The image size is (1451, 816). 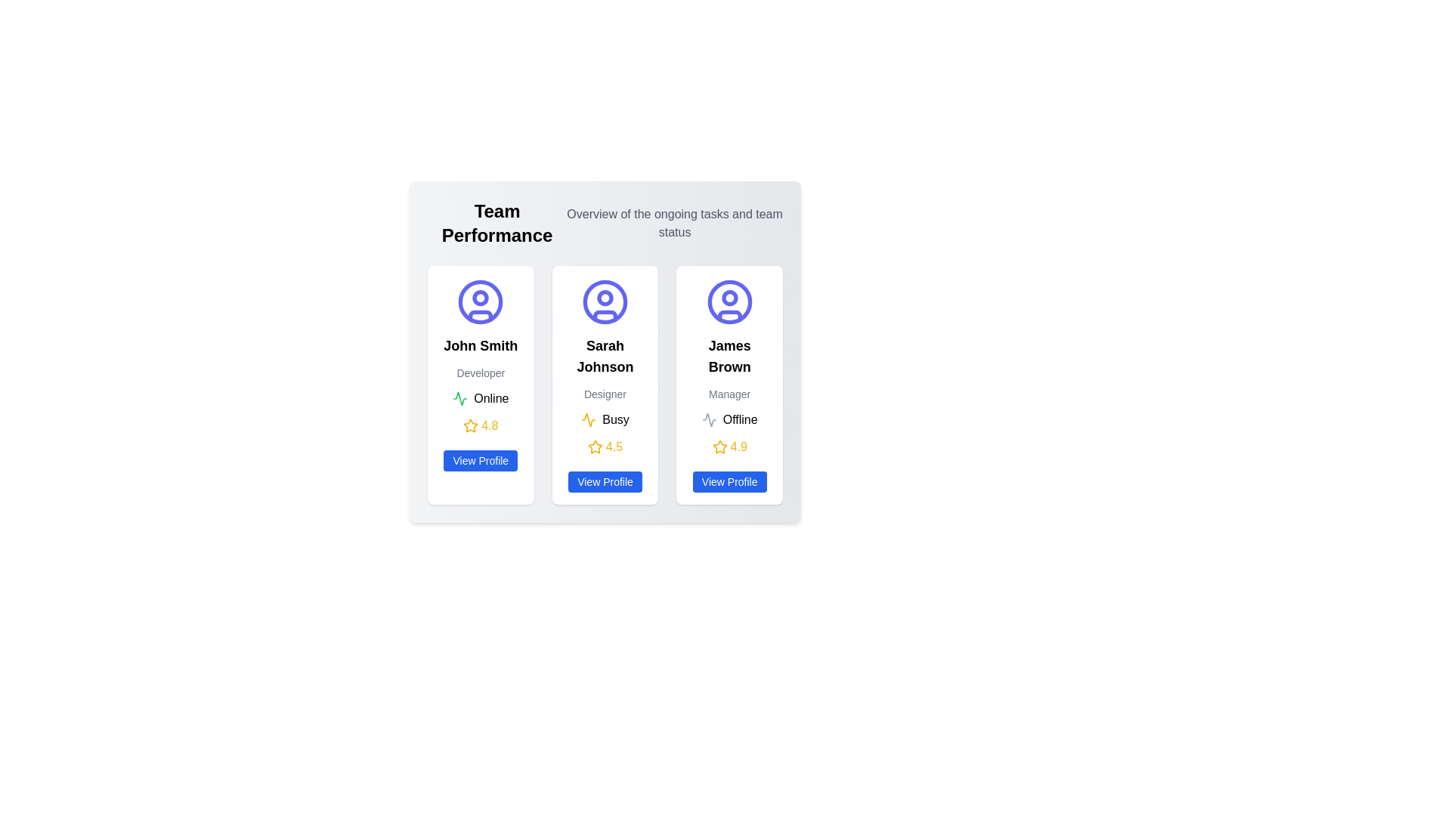 What do you see at coordinates (616, 419) in the screenshot?
I see `the 'Busy' text label indicating the user's current status, if interactivity is enabled` at bounding box center [616, 419].